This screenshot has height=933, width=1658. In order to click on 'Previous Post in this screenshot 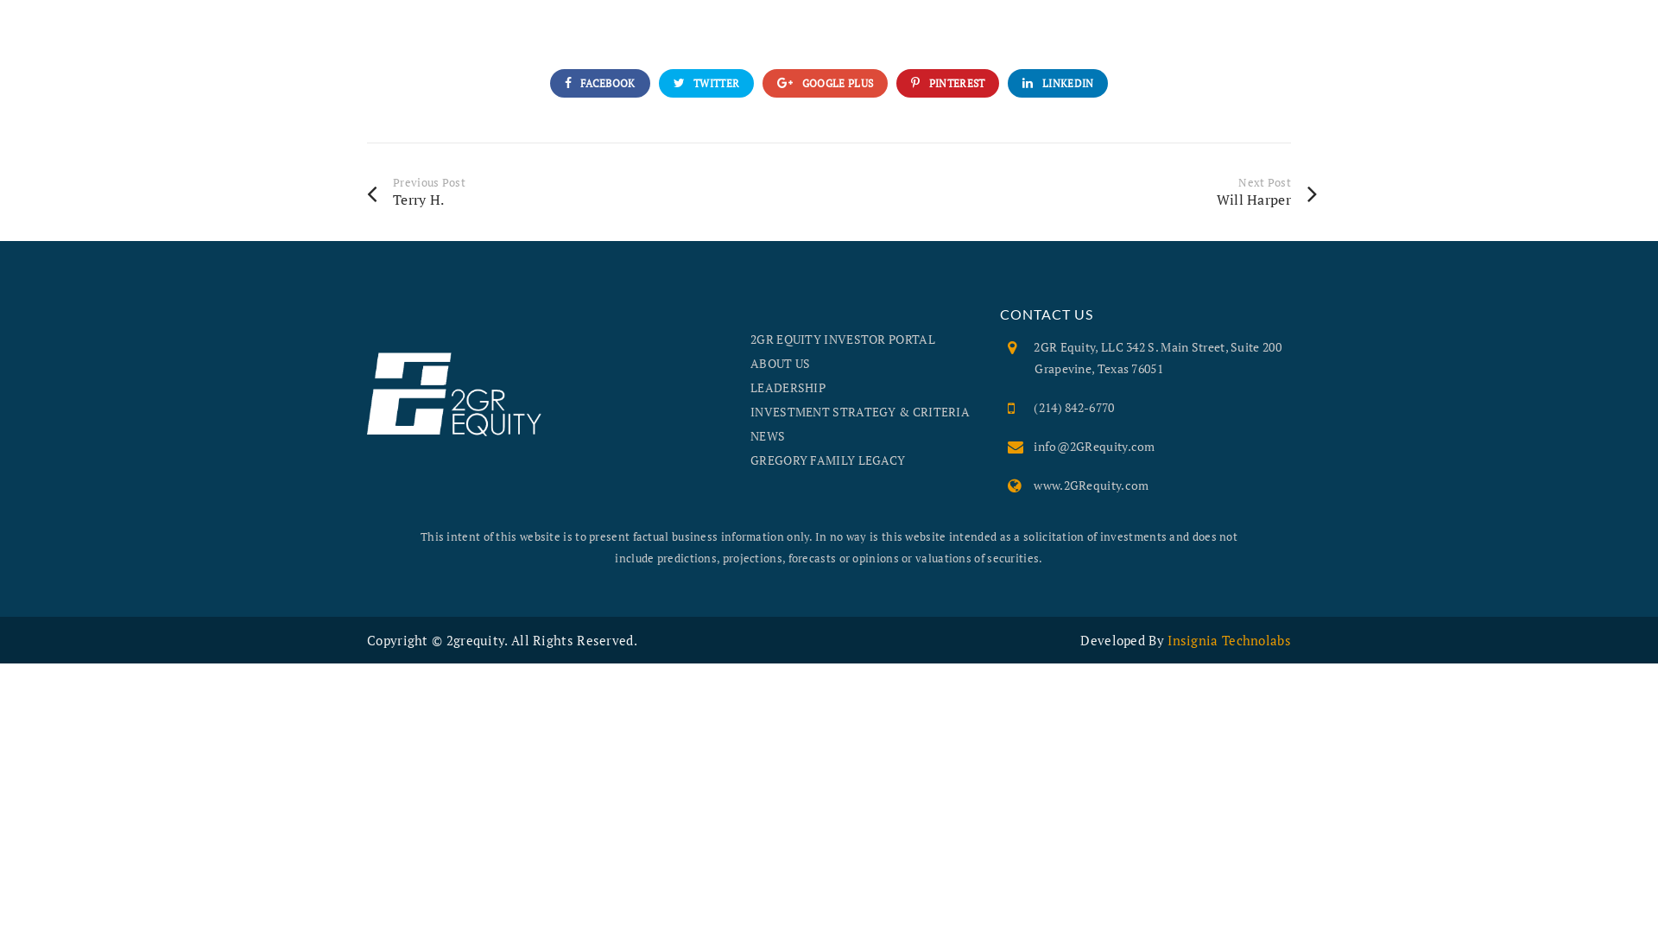, I will do `click(598, 191)`.